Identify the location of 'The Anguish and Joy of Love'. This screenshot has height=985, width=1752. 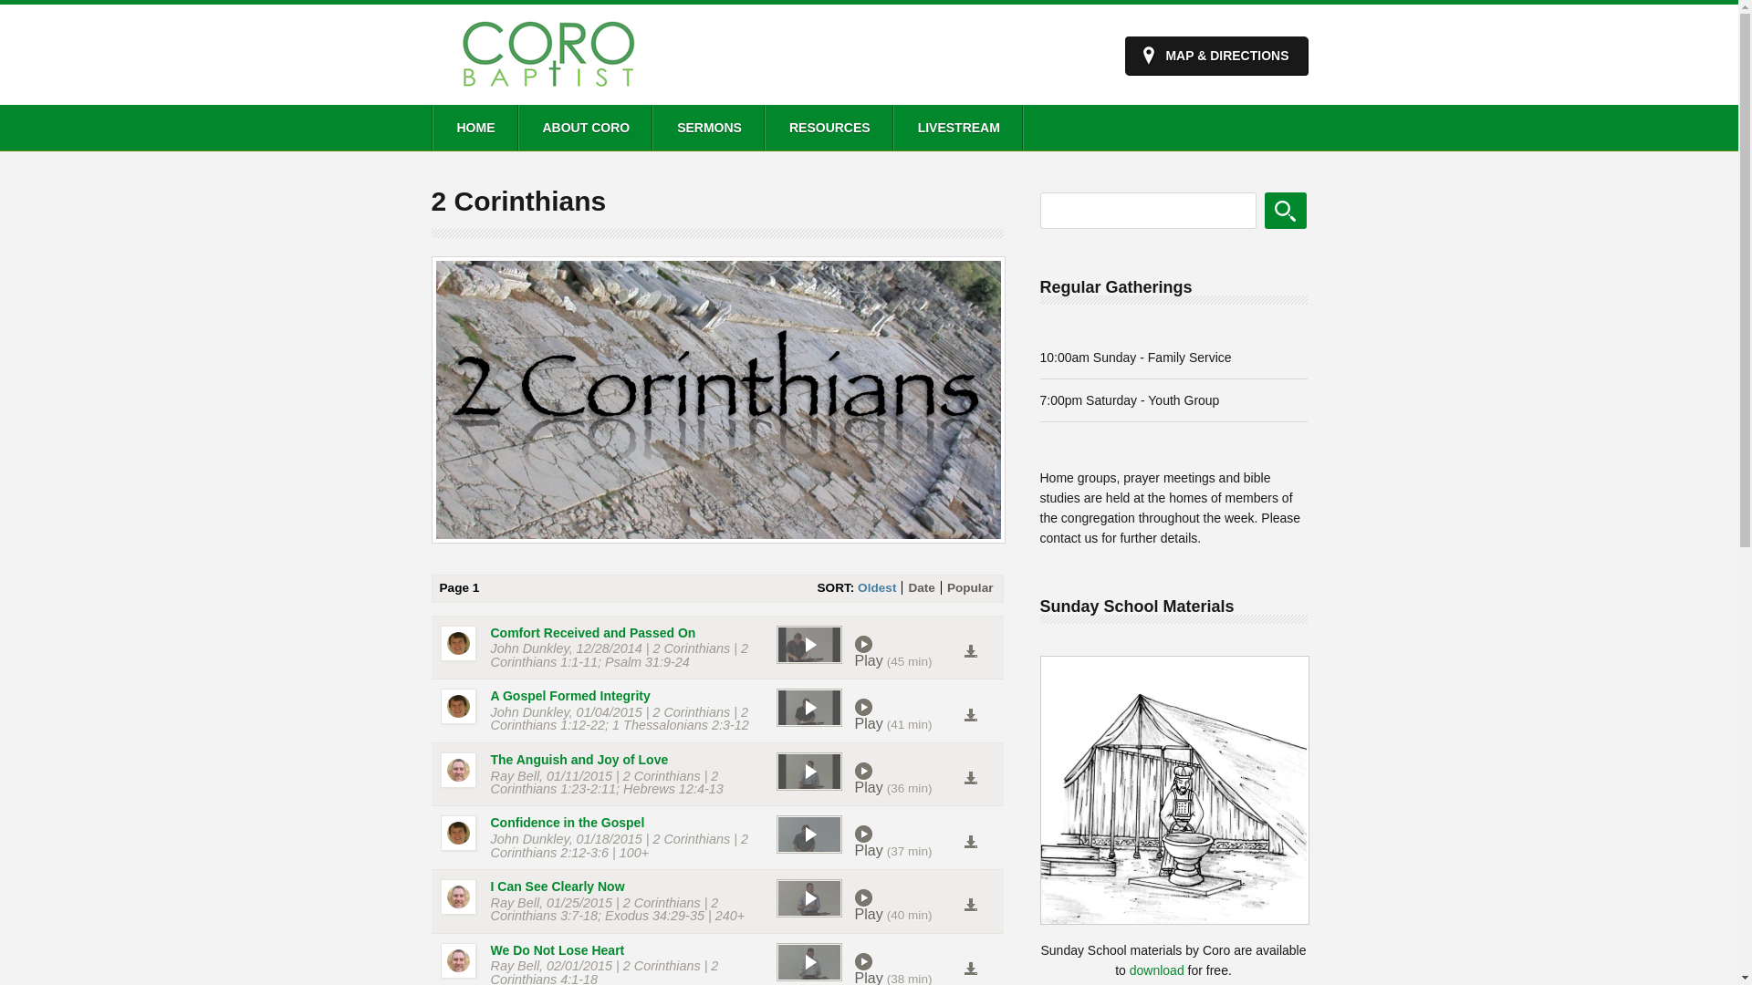
(579, 760).